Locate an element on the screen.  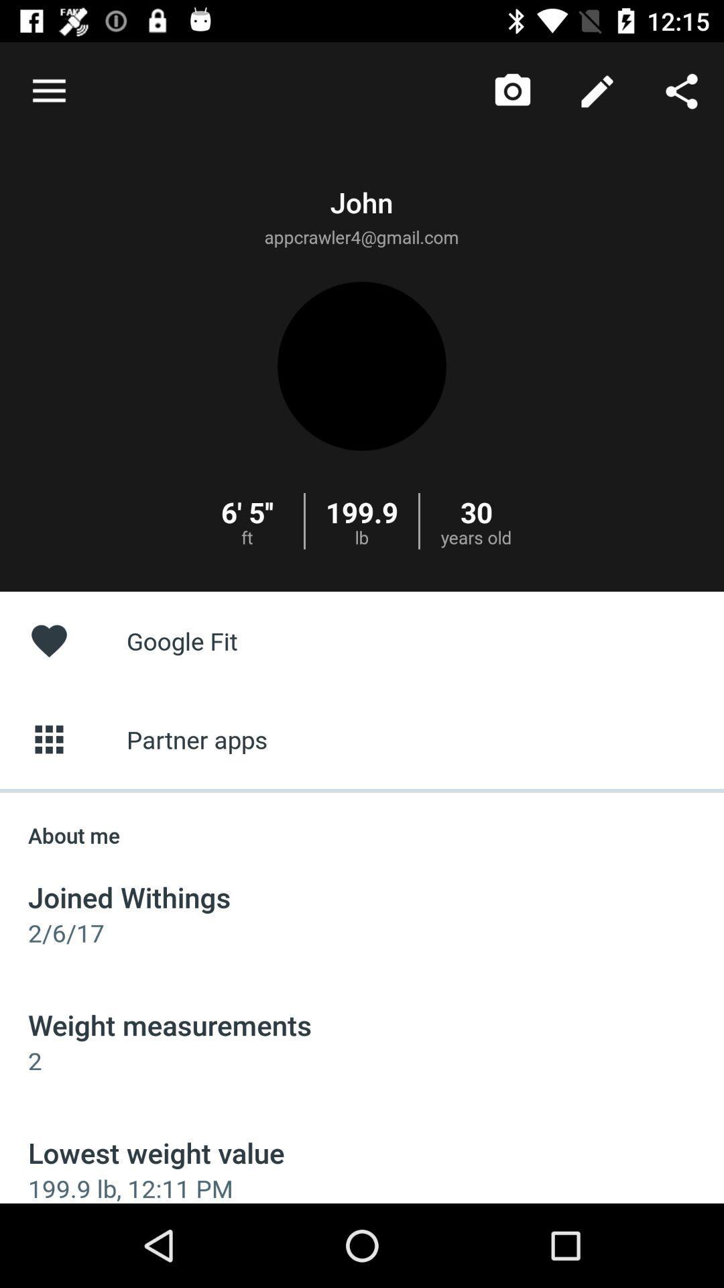
item above google fit icon is located at coordinates (682, 91).